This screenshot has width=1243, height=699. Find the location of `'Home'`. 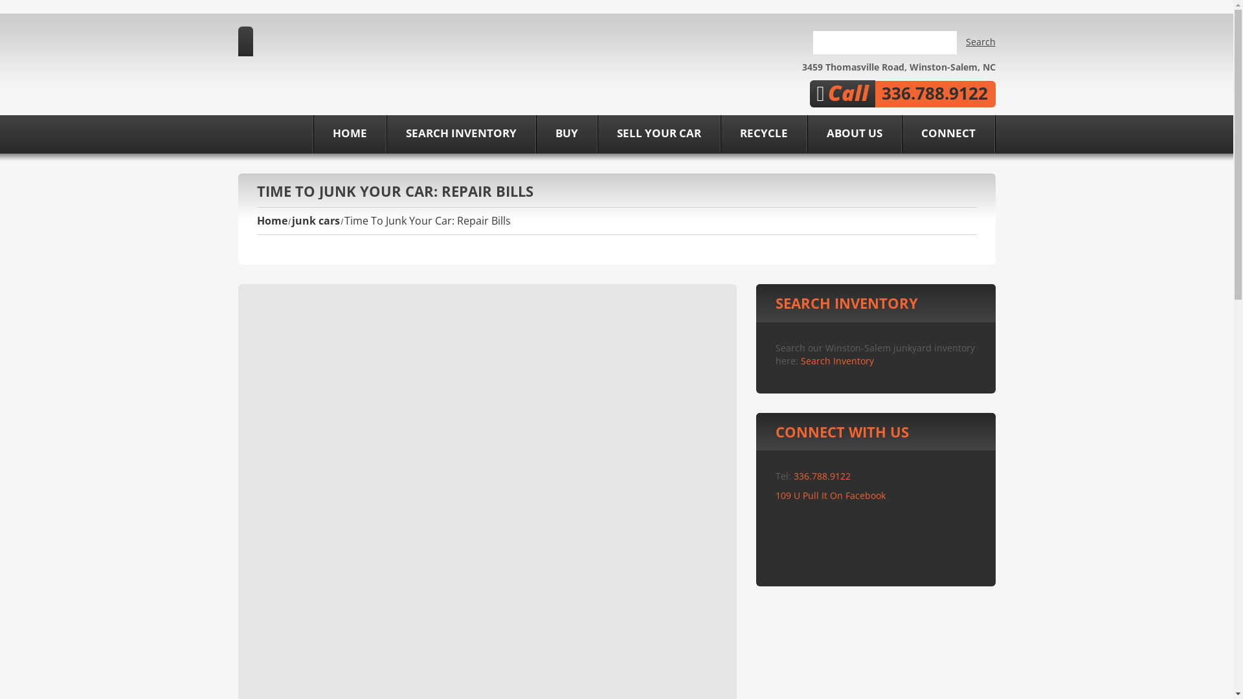

'Home' is located at coordinates (271, 219).